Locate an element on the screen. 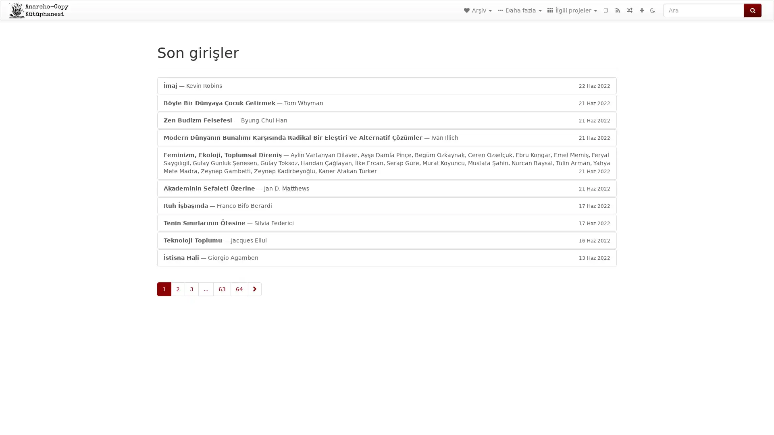  Ara is located at coordinates (752, 10).